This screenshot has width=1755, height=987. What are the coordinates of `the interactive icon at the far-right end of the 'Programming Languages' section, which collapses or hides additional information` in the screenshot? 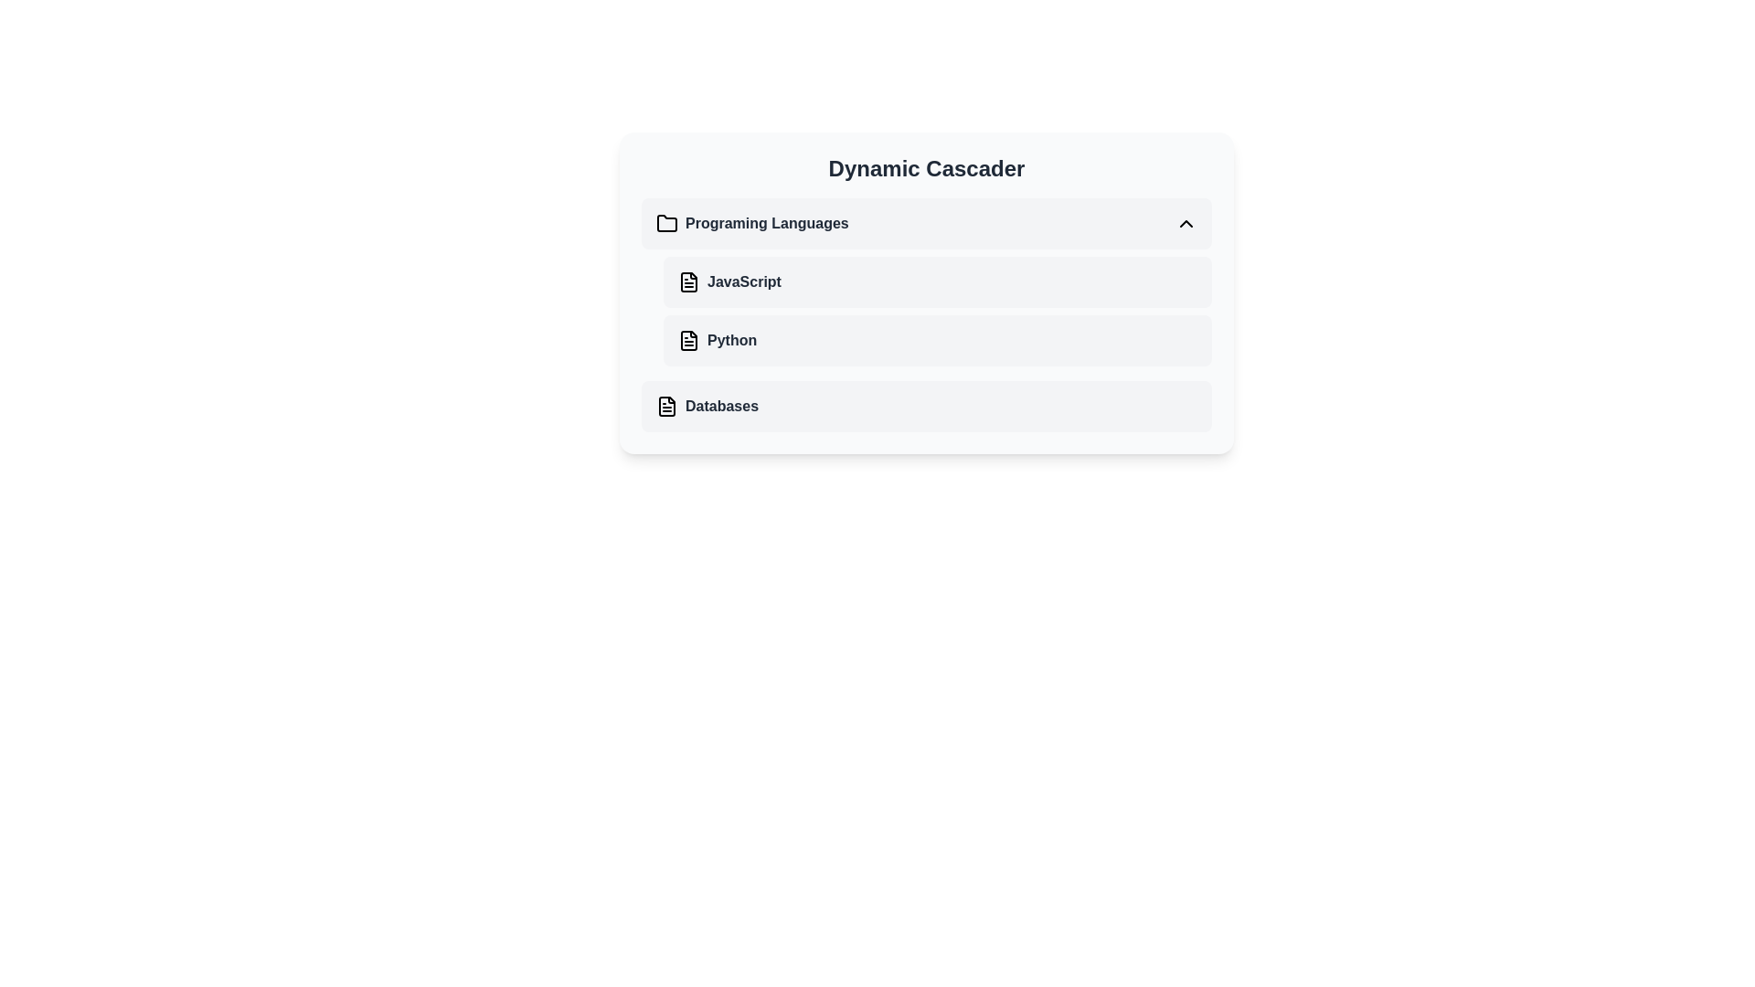 It's located at (1186, 223).